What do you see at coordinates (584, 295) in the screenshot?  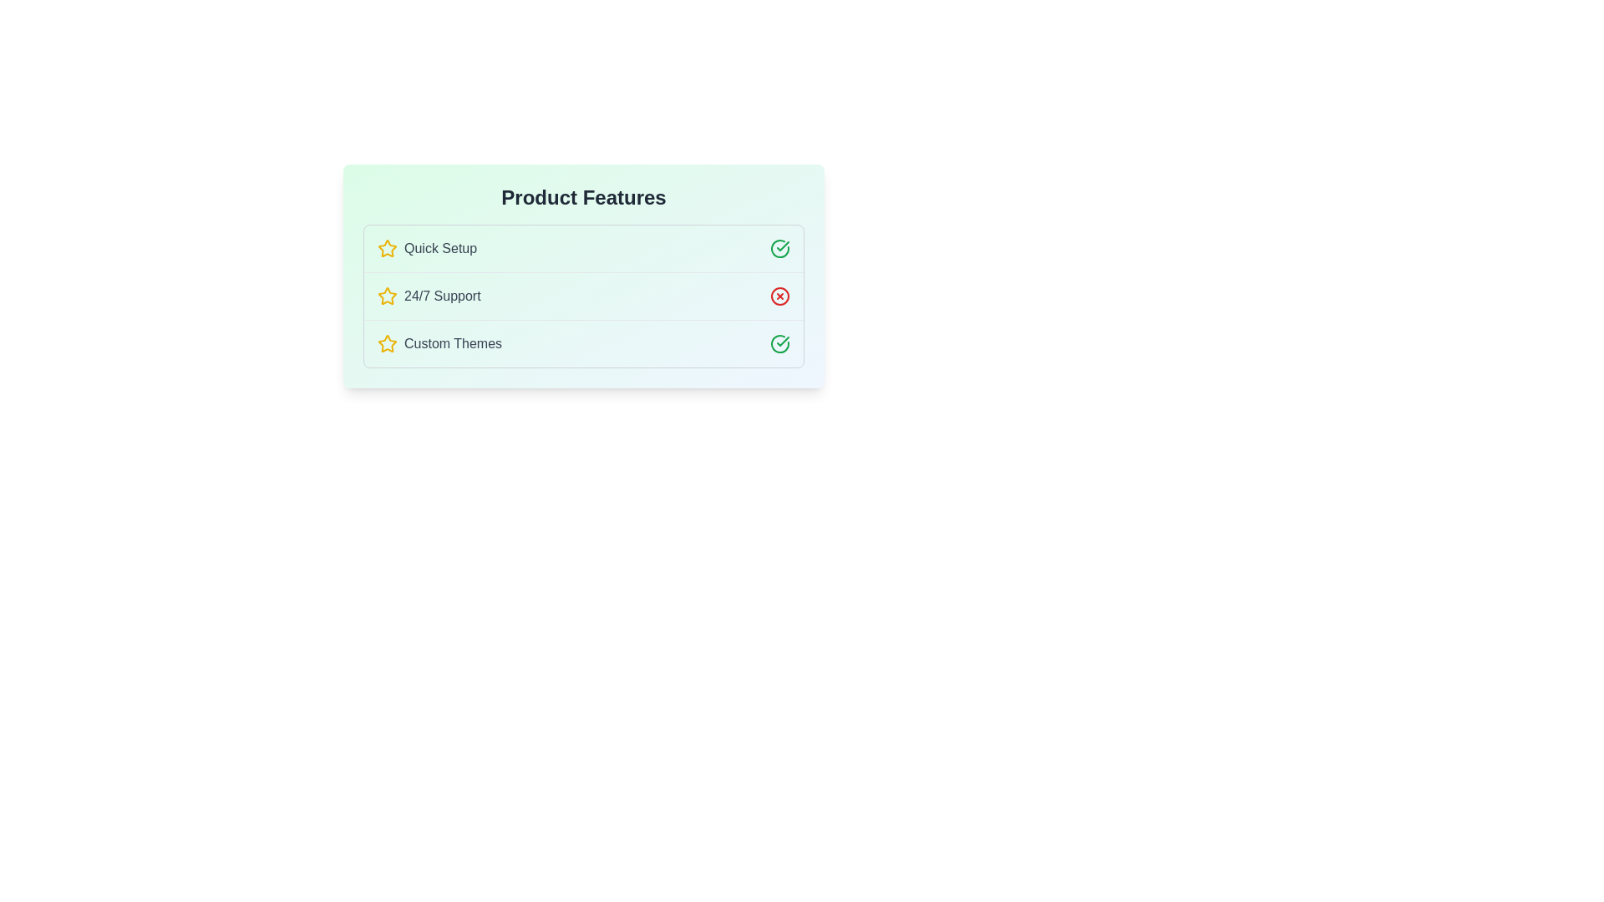 I see `the list item corresponding to 24/7 Support` at bounding box center [584, 295].